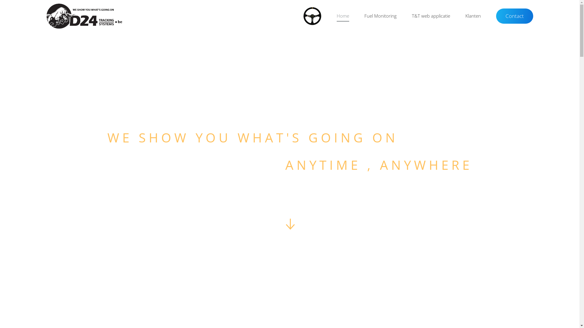 The height and width of the screenshot is (328, 584). Describe the element at coordinates (328, 16) in the screenshot. I see `'Home'` at that location.